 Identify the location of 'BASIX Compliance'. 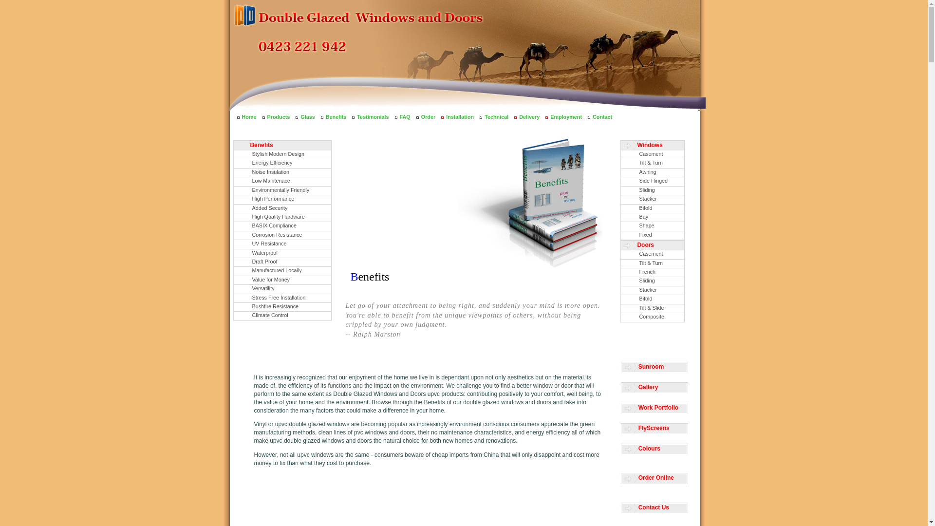
(282, 226).